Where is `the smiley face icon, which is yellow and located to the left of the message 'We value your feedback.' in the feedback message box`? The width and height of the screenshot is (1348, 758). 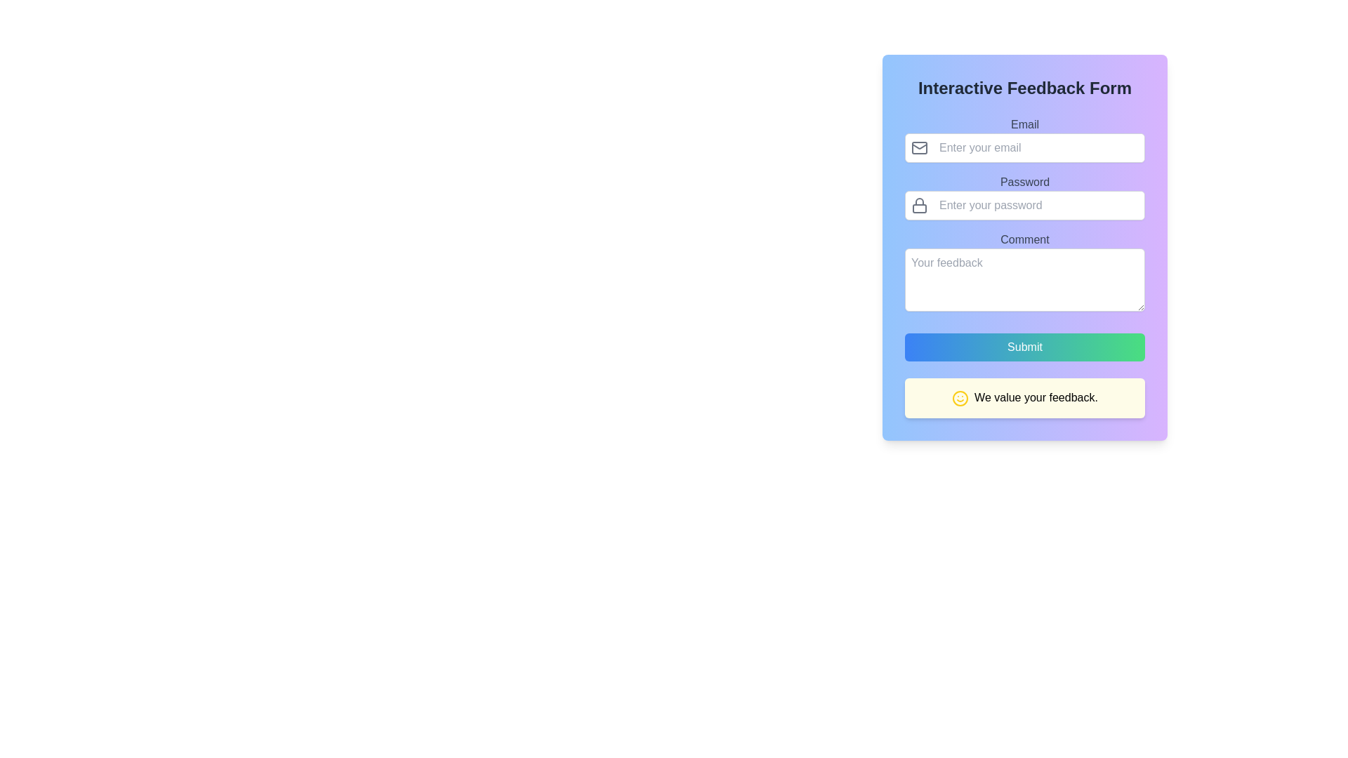 the smiley face icon, which is yellow and located to the left of the message 'We value your feedback.' in the feedback message box is located at coordinates (960, 398).